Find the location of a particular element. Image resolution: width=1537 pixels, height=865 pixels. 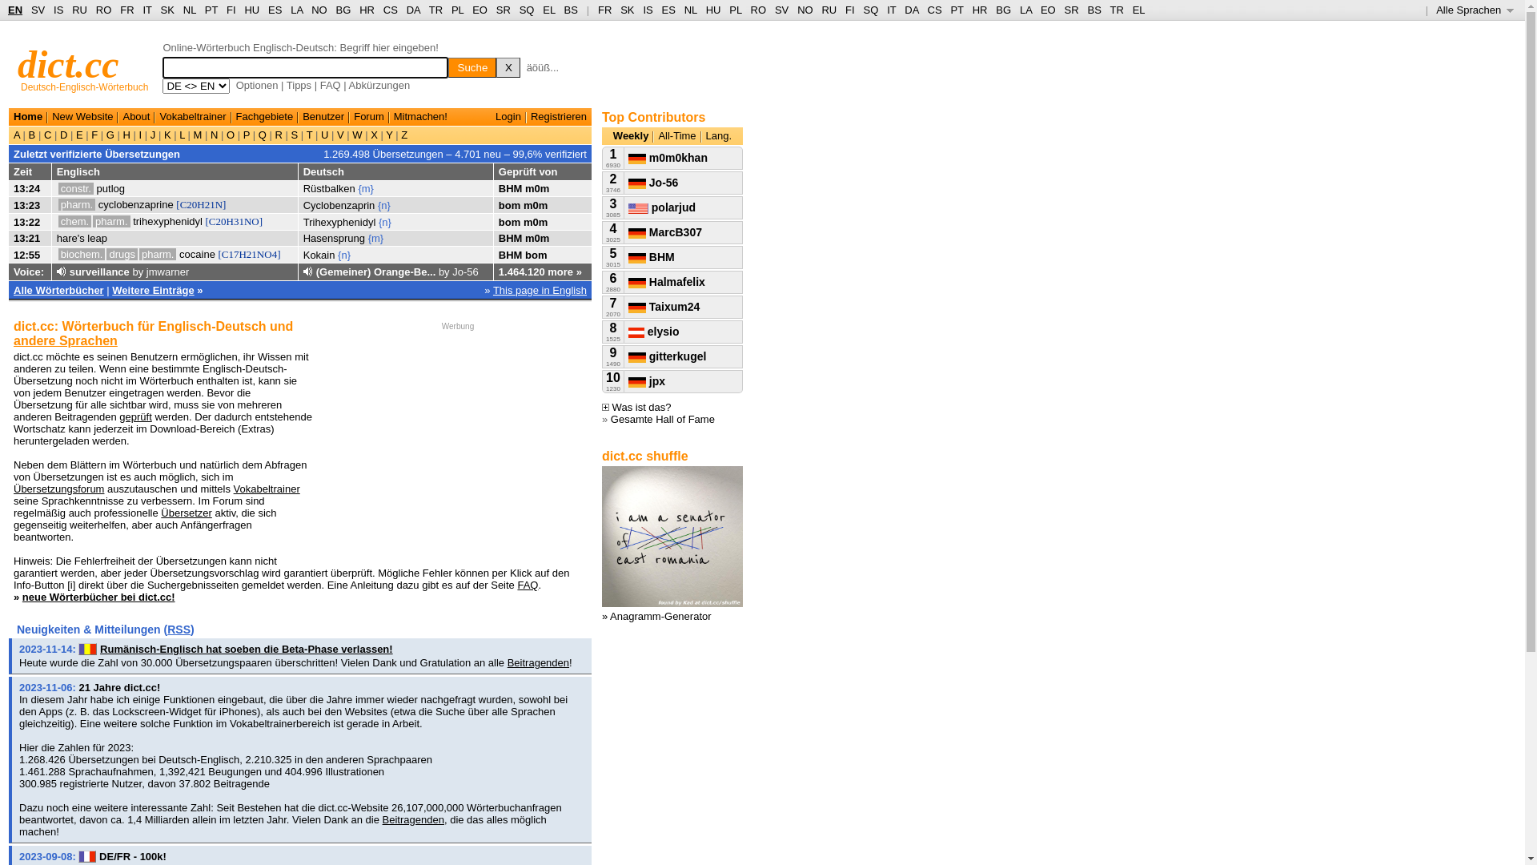

'M' is located at coordinates (196, 134).